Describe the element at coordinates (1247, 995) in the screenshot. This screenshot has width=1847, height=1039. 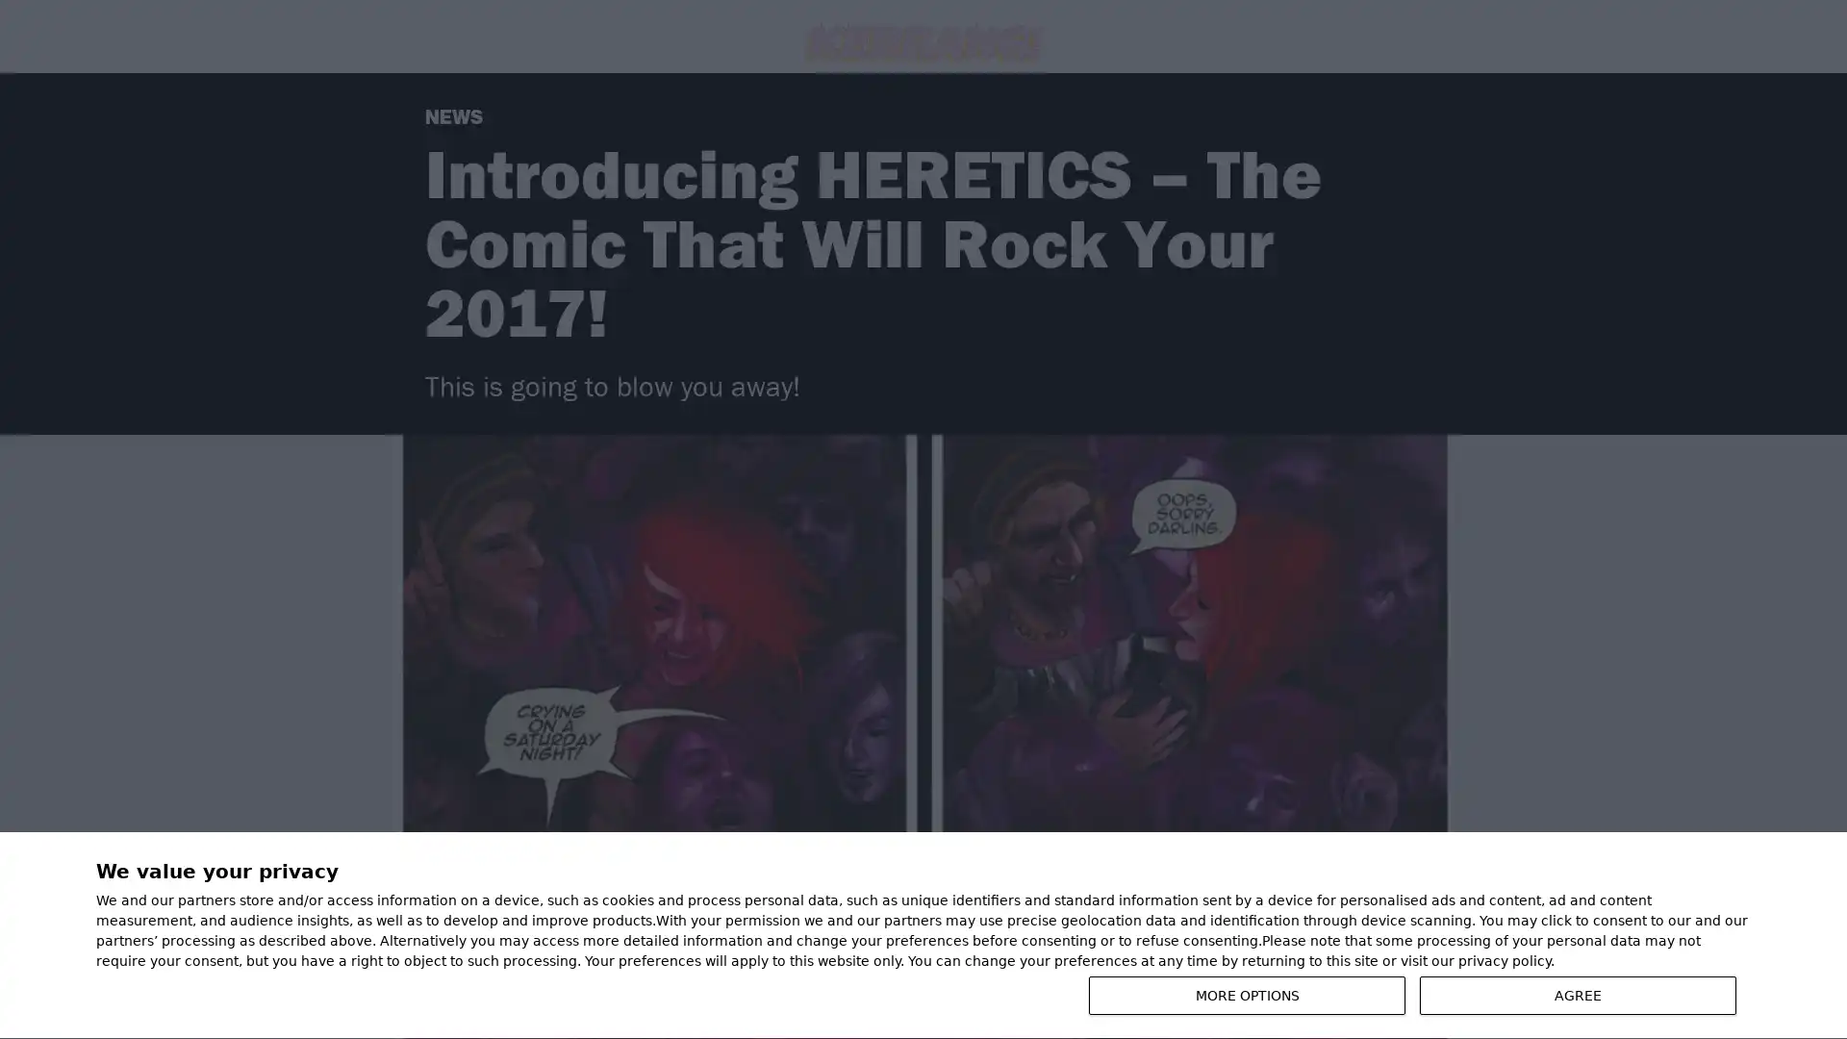
I see `MORE OPTIONS` at that location.